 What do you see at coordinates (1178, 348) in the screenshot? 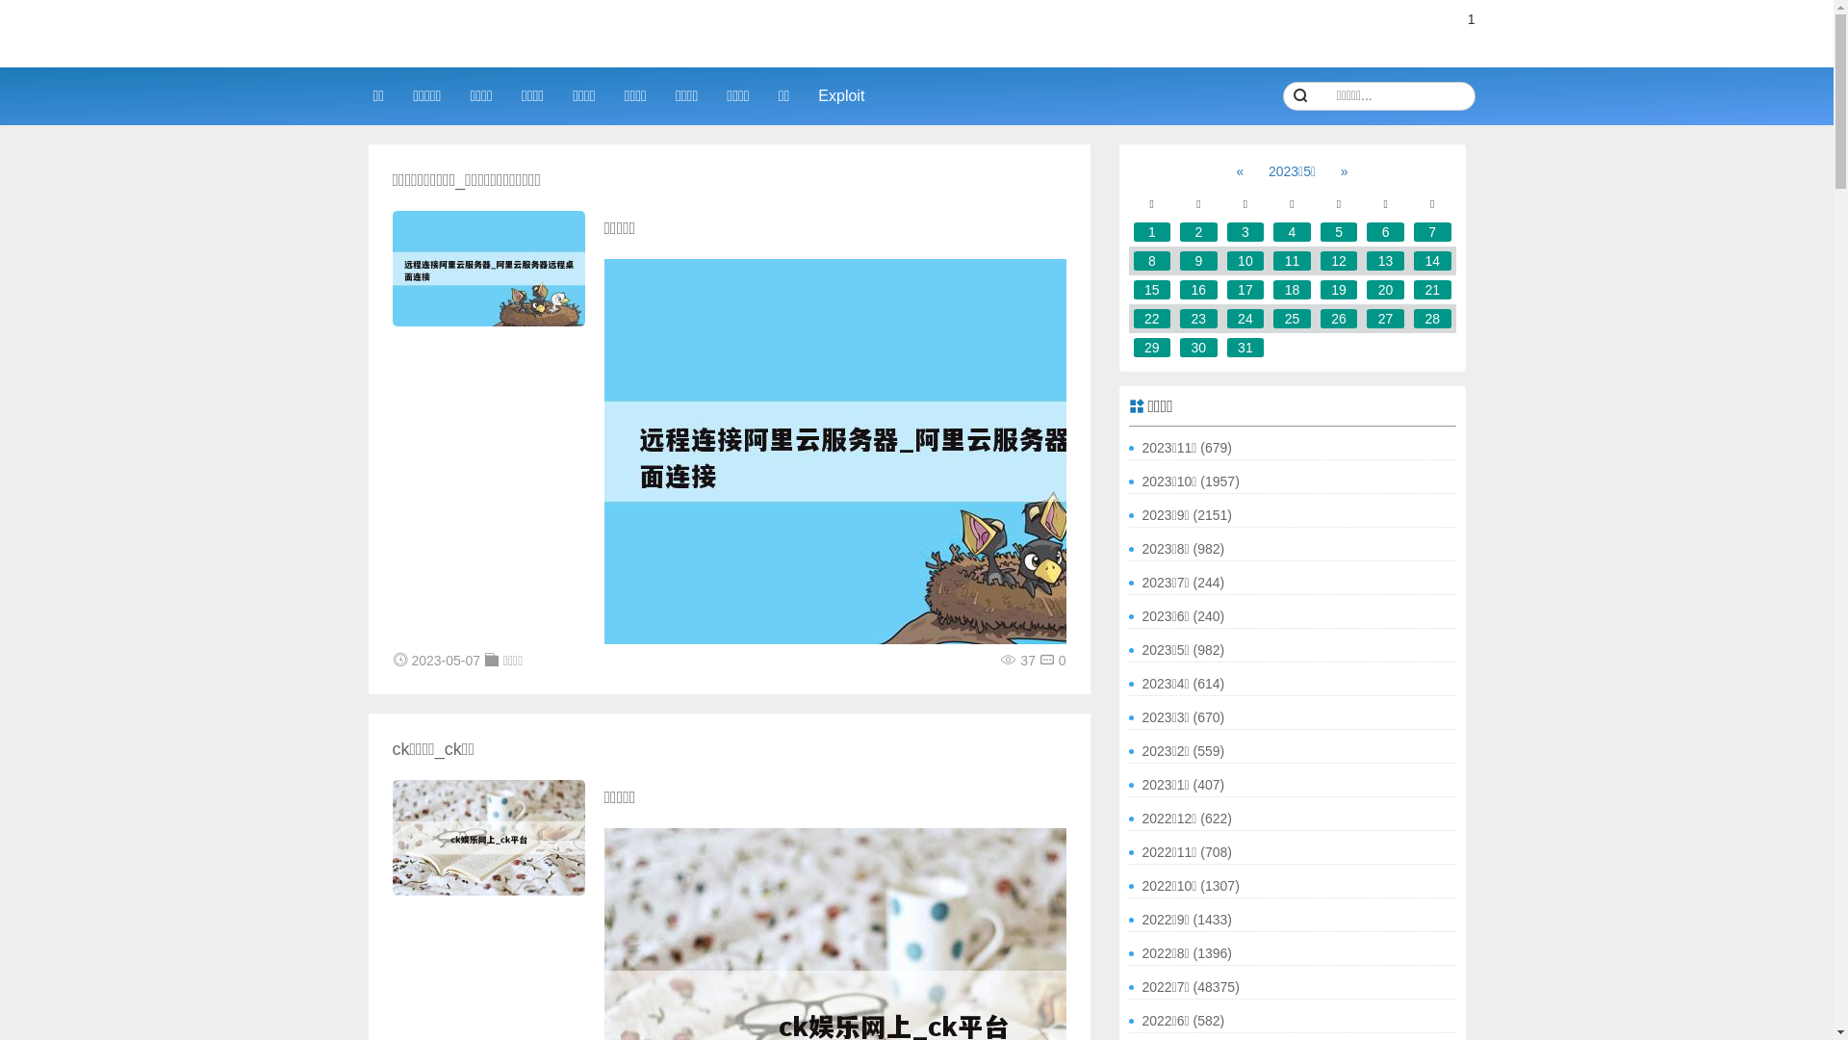
I see `'30'` at bounding box center [1178, 348].